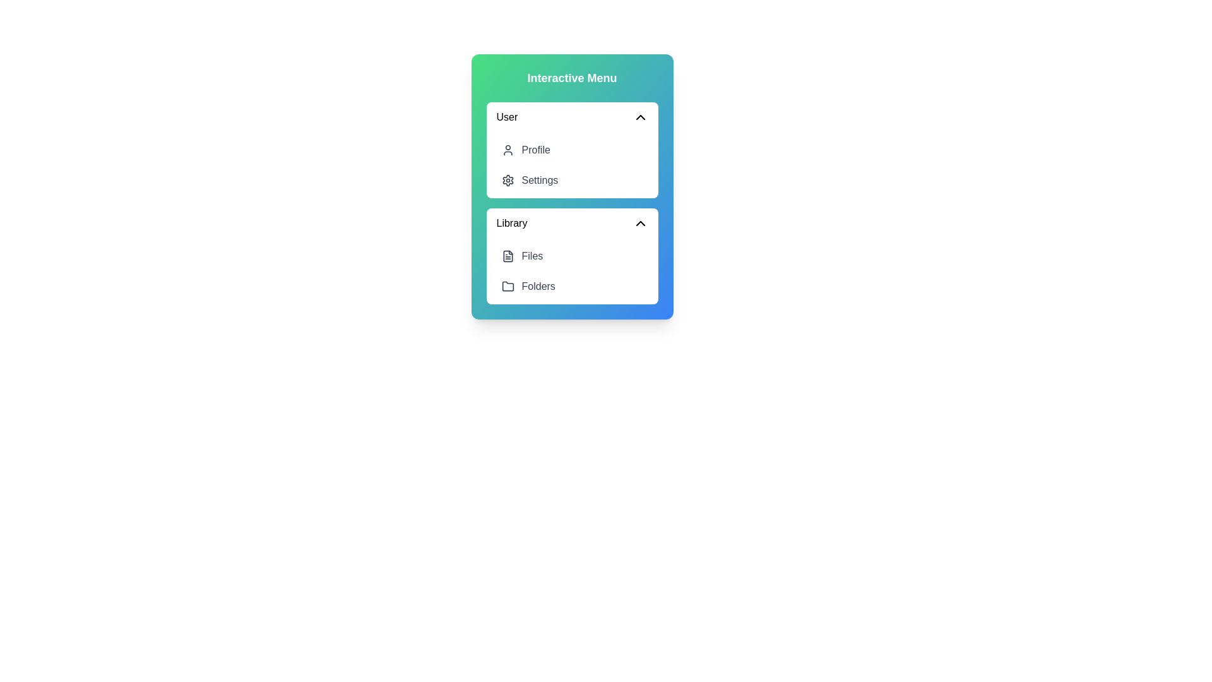  What do you see at coordinates (571, 287) in the screenshot?
I see `the menu item Folders within the NestedDashboardMenu component` at bounding box center [571, 287].